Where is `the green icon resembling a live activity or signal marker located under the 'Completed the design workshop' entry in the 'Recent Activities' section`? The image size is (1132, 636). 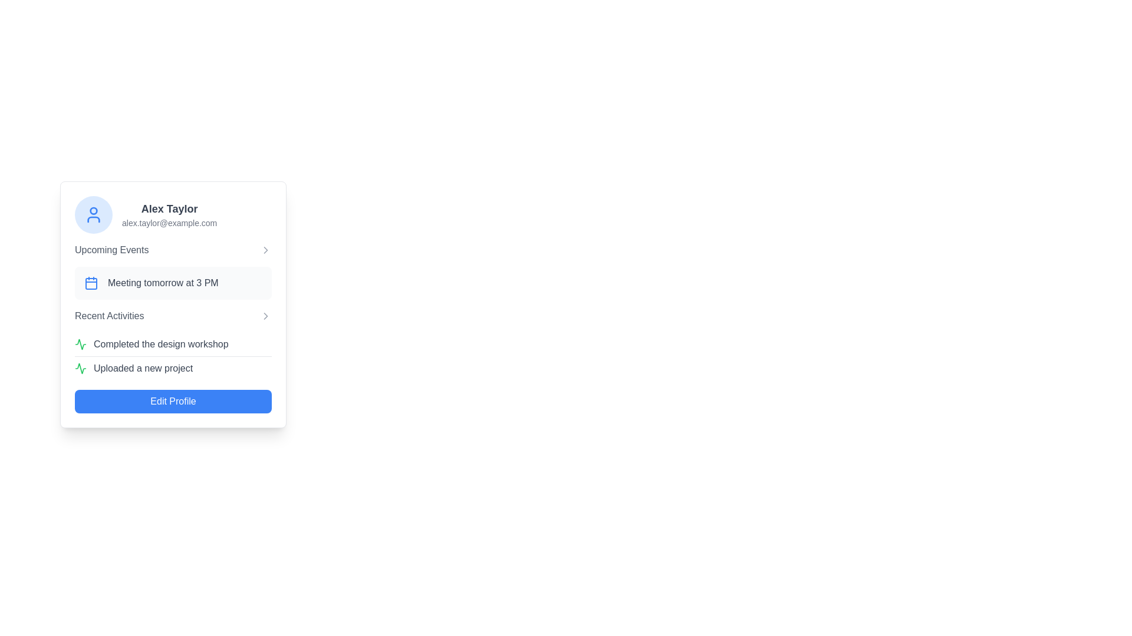
the green icon resembling a live activity or signal marker located under the 'Completed the design workshop' entry in the 'Recent Activities' section is located at coordinates (80, 344).